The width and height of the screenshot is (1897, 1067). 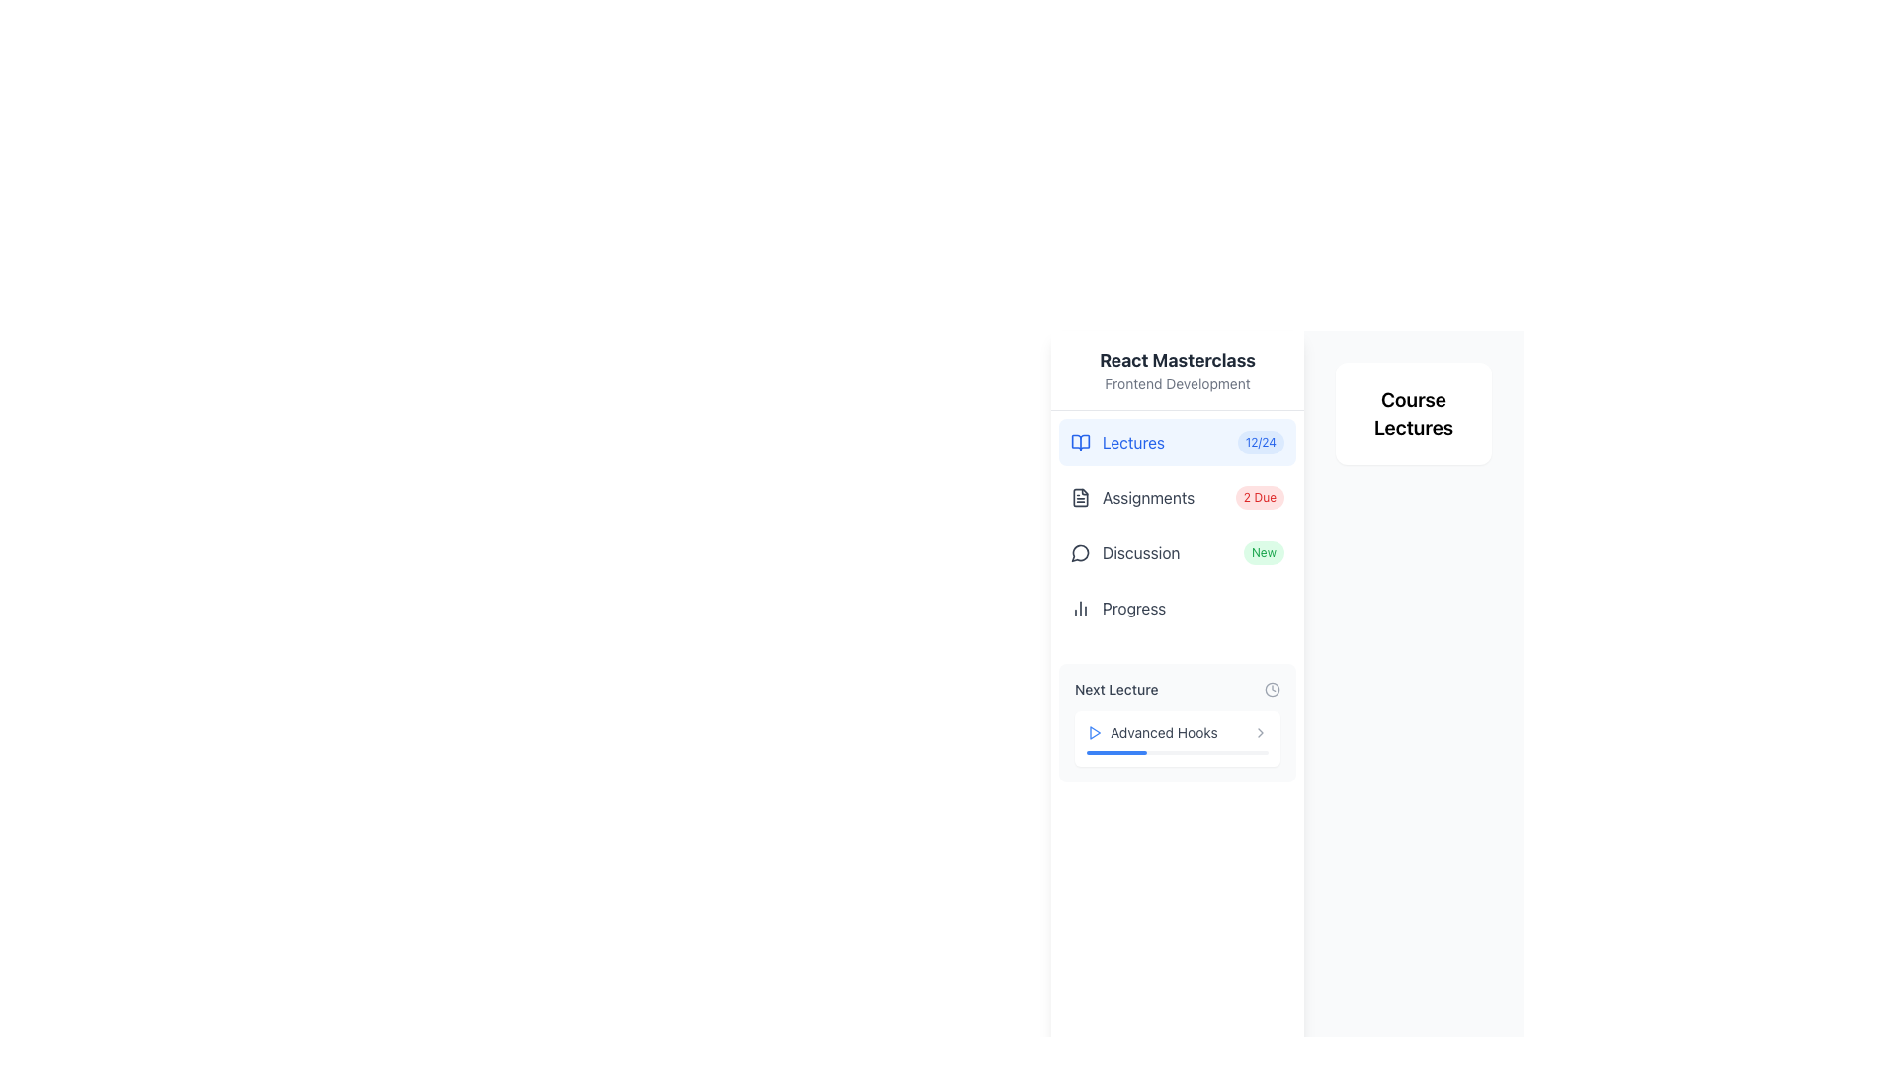 What do you see at coordinates (1272, 689) in the screenshot?
I see `the small clock-like icon, which has a circular outline and is colored light gray` at bounding box center [1272, 689].